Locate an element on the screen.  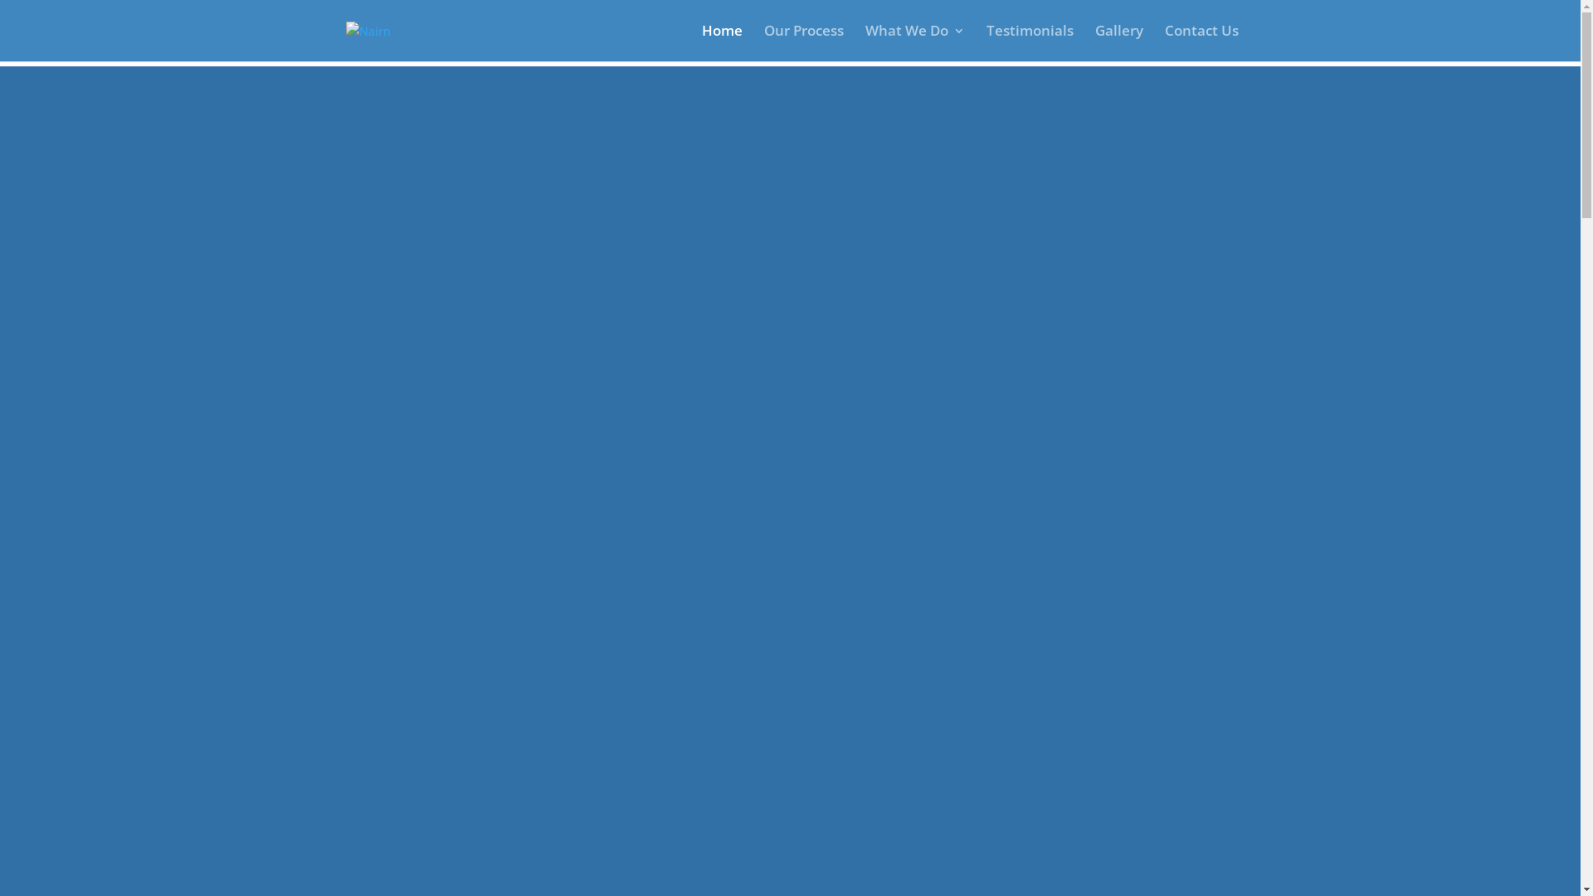
'Home' is located at coordinates (722, 41).